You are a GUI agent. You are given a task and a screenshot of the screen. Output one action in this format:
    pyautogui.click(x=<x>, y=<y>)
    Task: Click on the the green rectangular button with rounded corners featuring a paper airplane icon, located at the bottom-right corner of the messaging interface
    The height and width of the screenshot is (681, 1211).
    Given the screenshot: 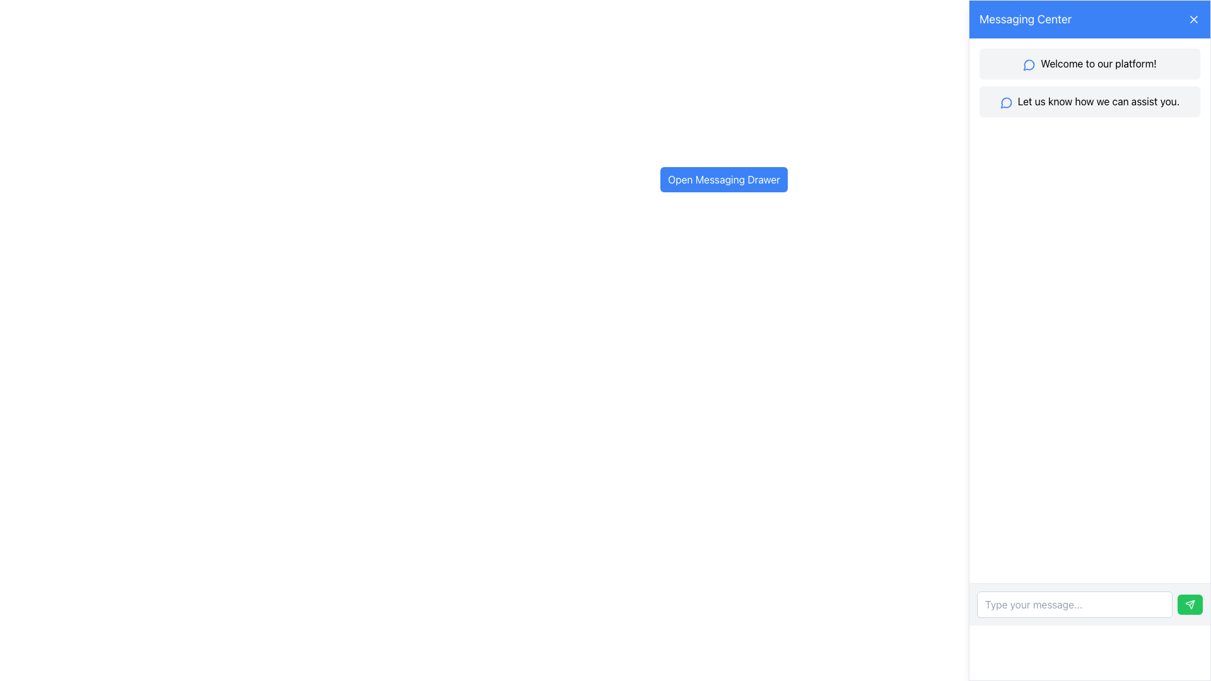 What is the action you would take?
    pyautogui.click(x=1189, y=604)
    